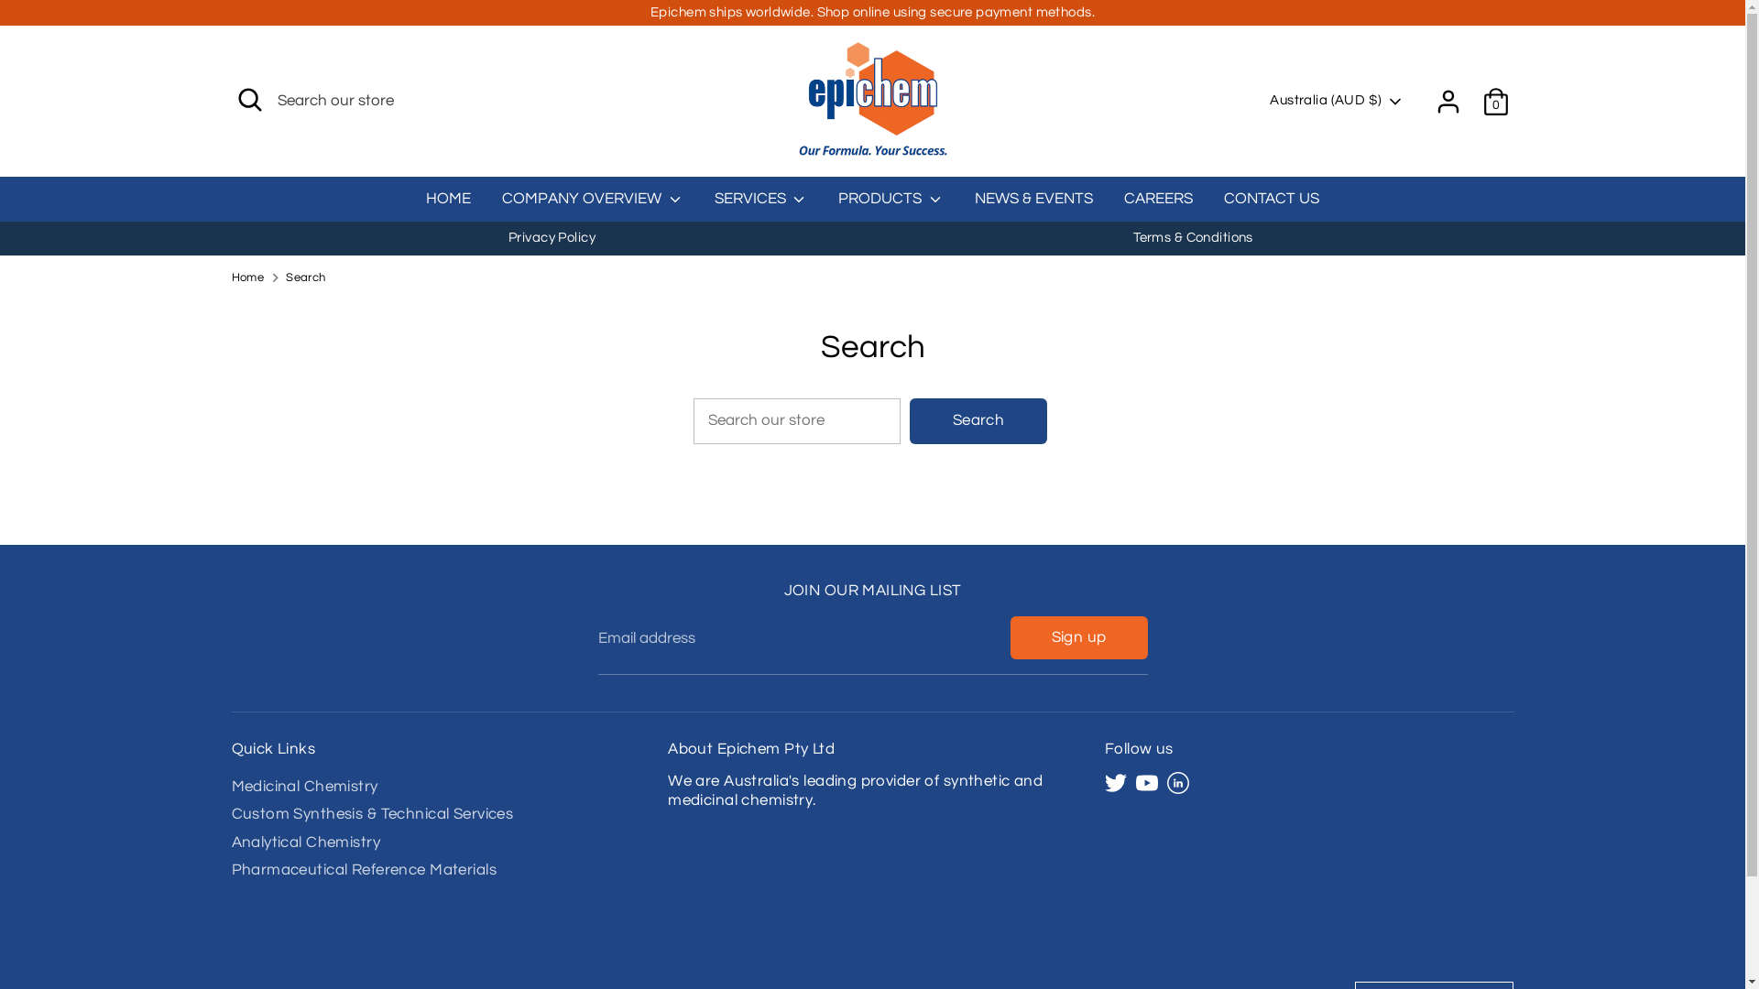 Image resolution: width=1759 pixels, height=989 pixels. I want to click on 'HOME', so click(448, 204).